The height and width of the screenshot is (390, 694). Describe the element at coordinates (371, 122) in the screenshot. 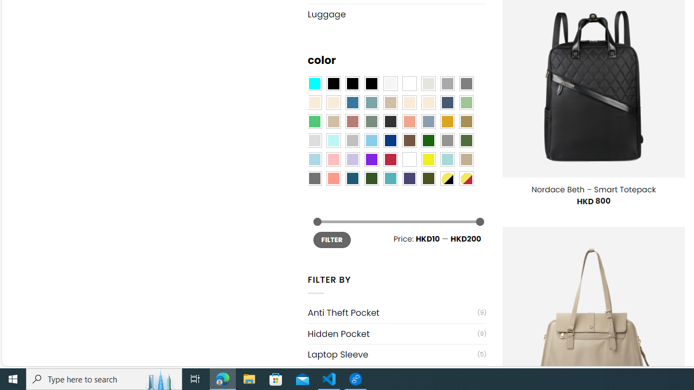

I see `'Sage'` at that location.